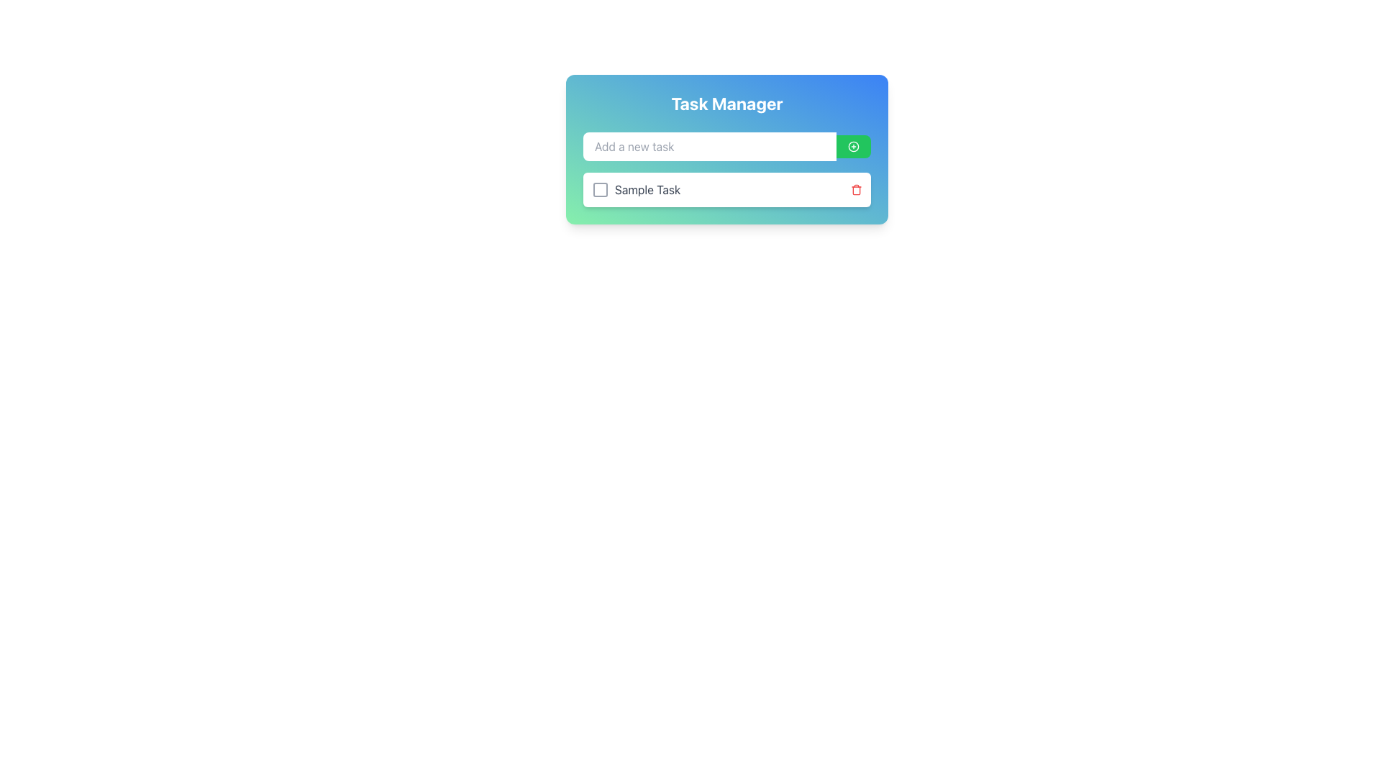  I want to click on the static text displaying 'Sample Task' in gray font, located in a task management interface, positioned to the right of the checkbox and before the delete icon, so click(647, 188).